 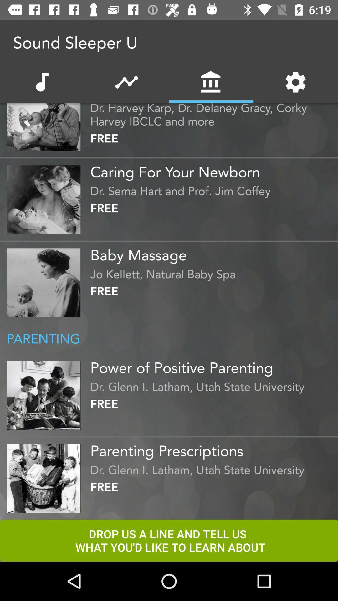 I want to click on icon below free icon, so click(x=212, y=170).